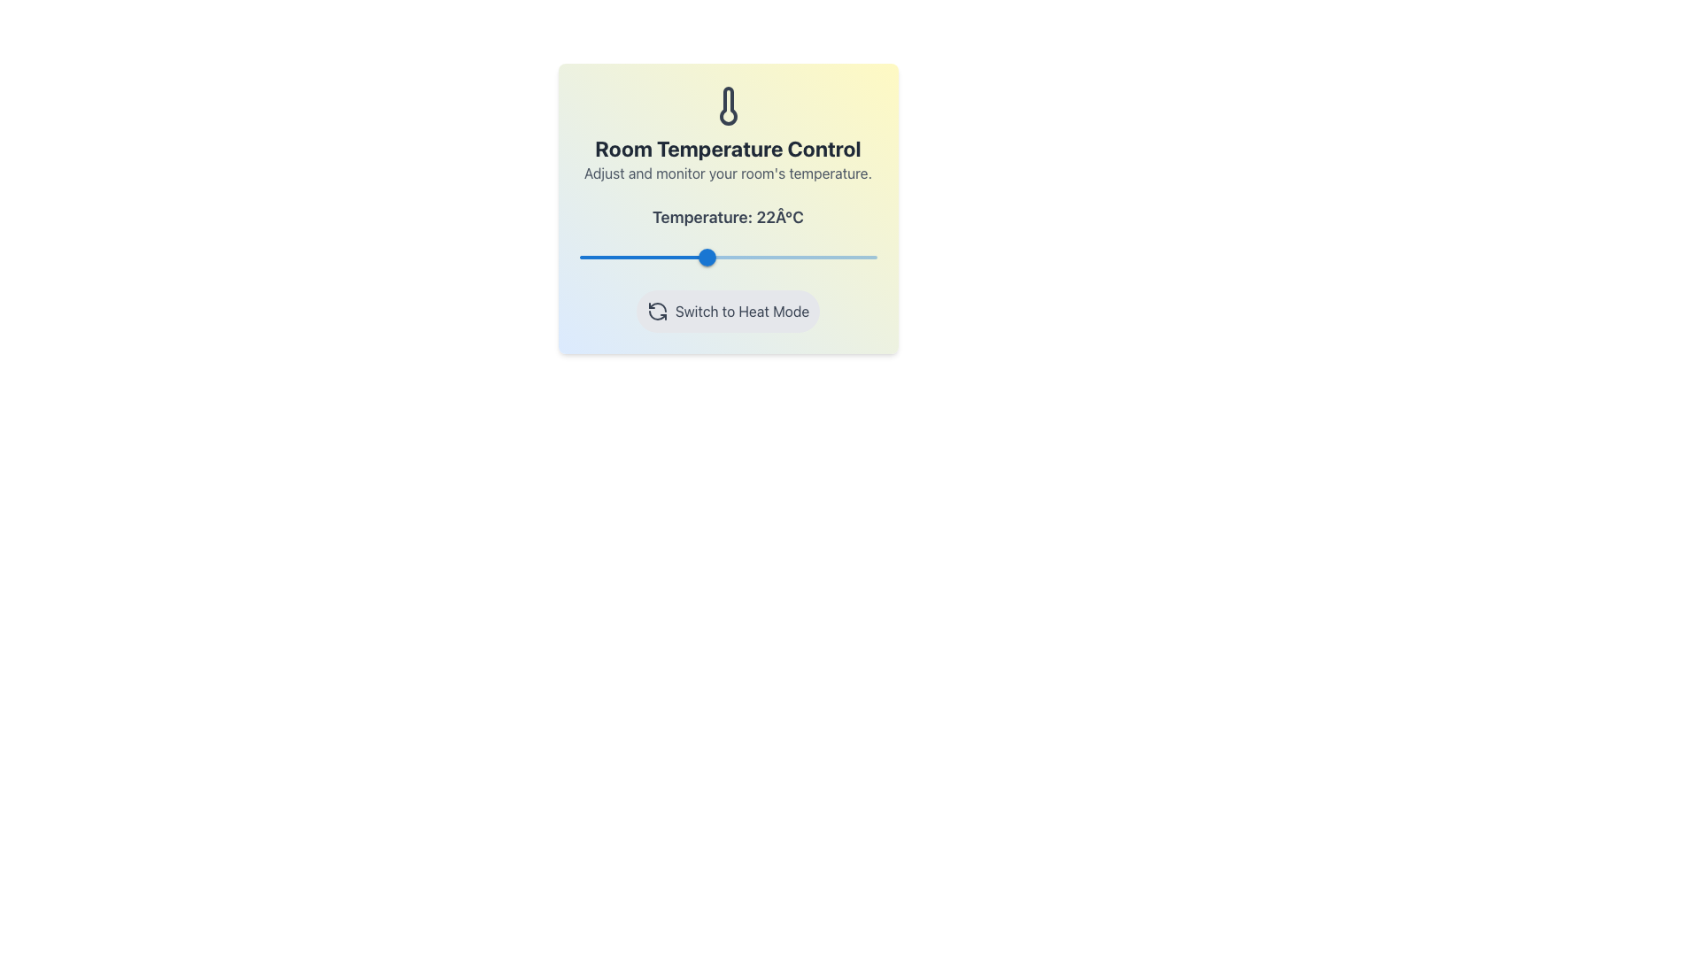 This screenshot has width=1700, height=956. Describe the element at coordinates (706, 257) in the screenshot. I see `the circular slider thumb with the value '22'` at that location.